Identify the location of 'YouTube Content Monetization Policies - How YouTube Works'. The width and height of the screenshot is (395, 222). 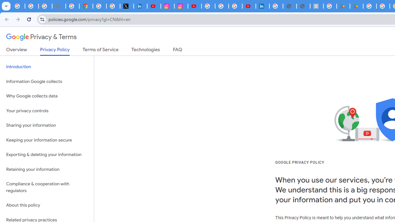
(154, 6).